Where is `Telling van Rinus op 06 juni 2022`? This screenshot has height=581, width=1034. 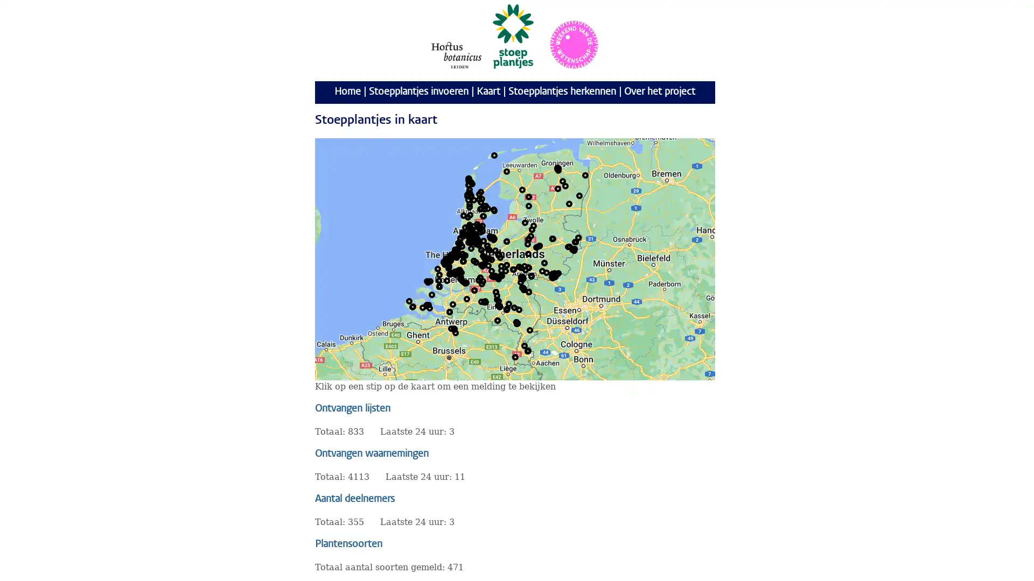
Telling van Rinus op 06 juni 2022 is located at coordinates (439, 279).